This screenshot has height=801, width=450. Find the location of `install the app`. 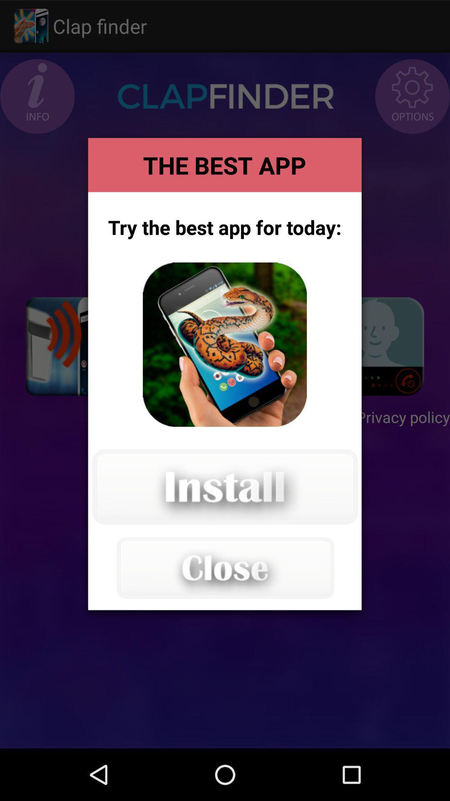

install the app is located at coordinates (224, 487).